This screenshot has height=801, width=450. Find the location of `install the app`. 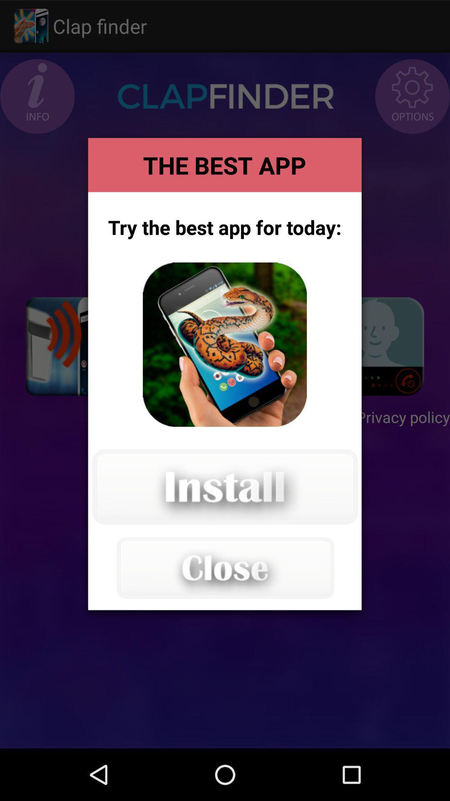

install the app is located at coordinates (224, 487).